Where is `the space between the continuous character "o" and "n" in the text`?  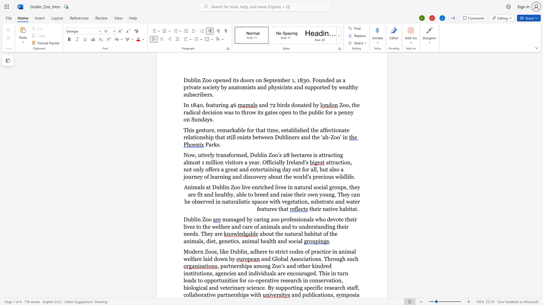 the space between the continuous character "o" and "n" in the text is located at coordinates (327, 295).